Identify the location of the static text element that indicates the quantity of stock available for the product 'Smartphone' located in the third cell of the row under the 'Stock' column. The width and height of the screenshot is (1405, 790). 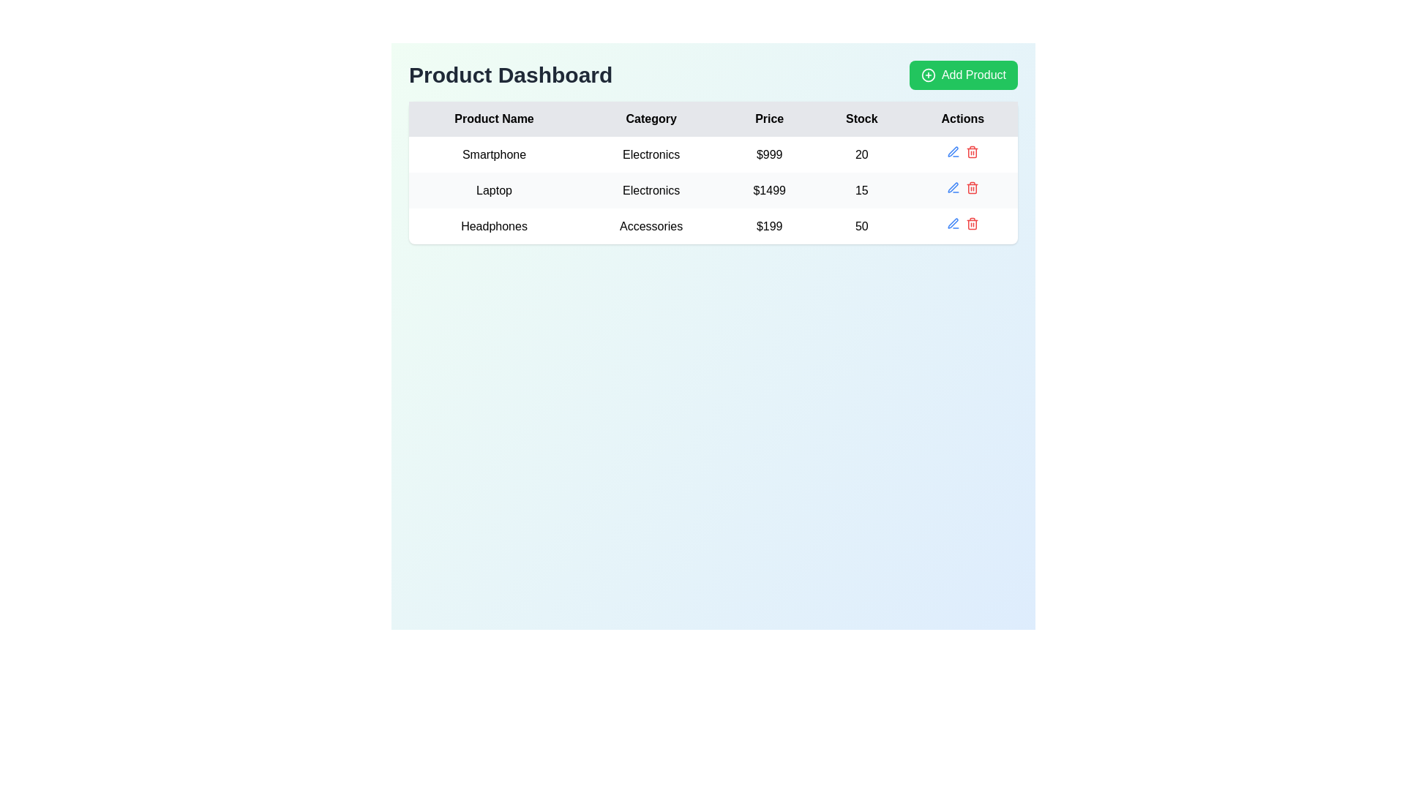
(861, 154).